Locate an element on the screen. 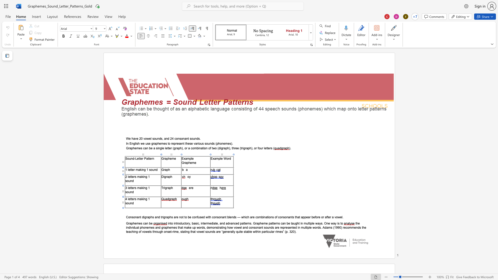 The image size is (498, 280). the space between the continuous character "m" and "b" in the text is located at coordinates (261, 217).